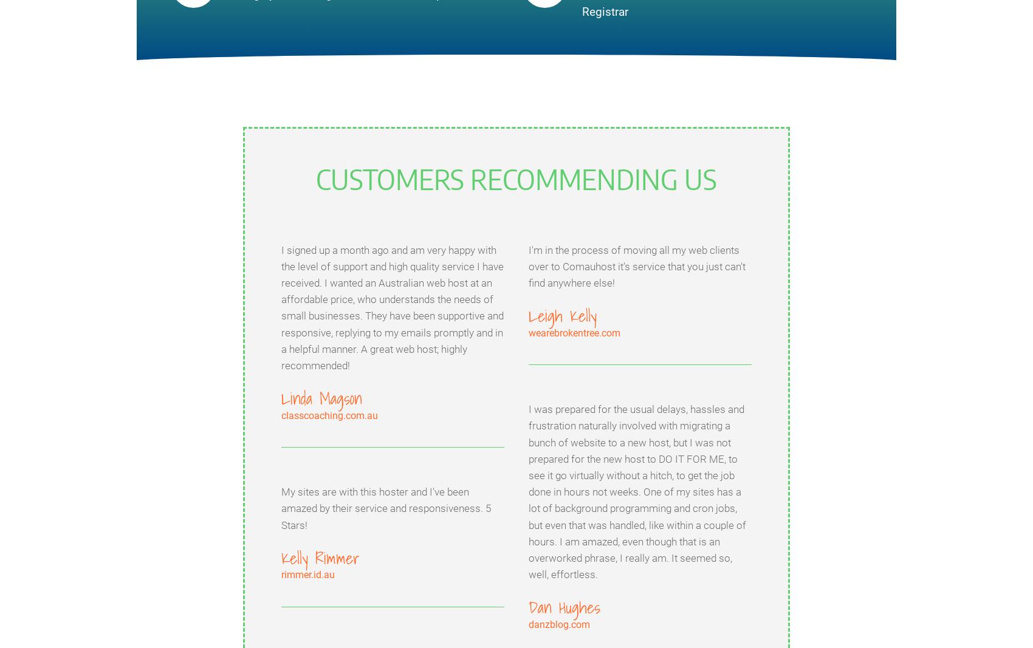 The width and height of the screenshot is (1033, 648). What do you see at coordinates (281, 415) in the screenshot?
I see `'classcoaching.com.au'` at bounding box center [281, 415].